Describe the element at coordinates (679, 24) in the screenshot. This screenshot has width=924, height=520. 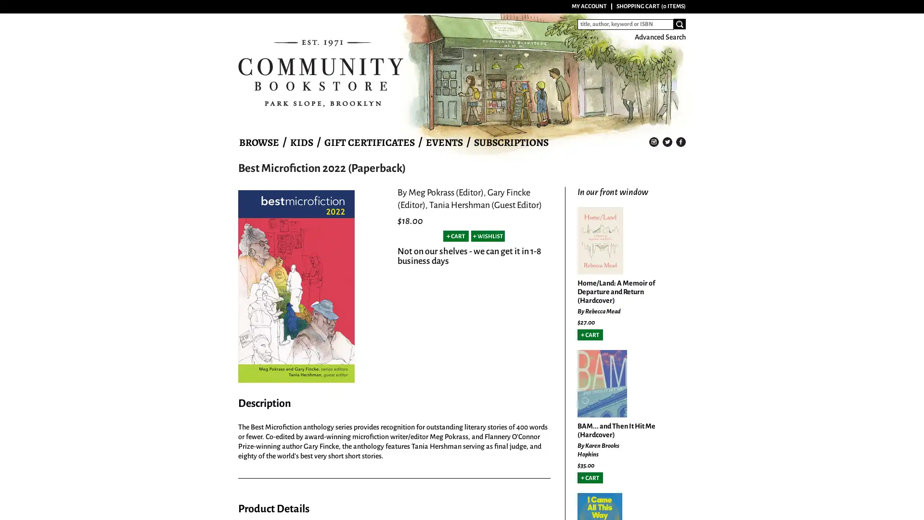
I see `Search` at that location.